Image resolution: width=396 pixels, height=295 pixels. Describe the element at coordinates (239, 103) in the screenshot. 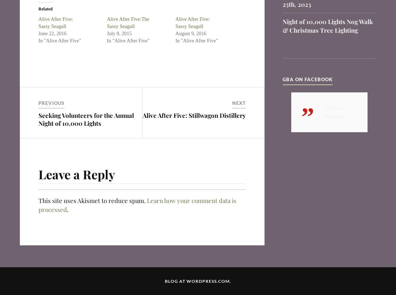

I see `'Next'` at that location.